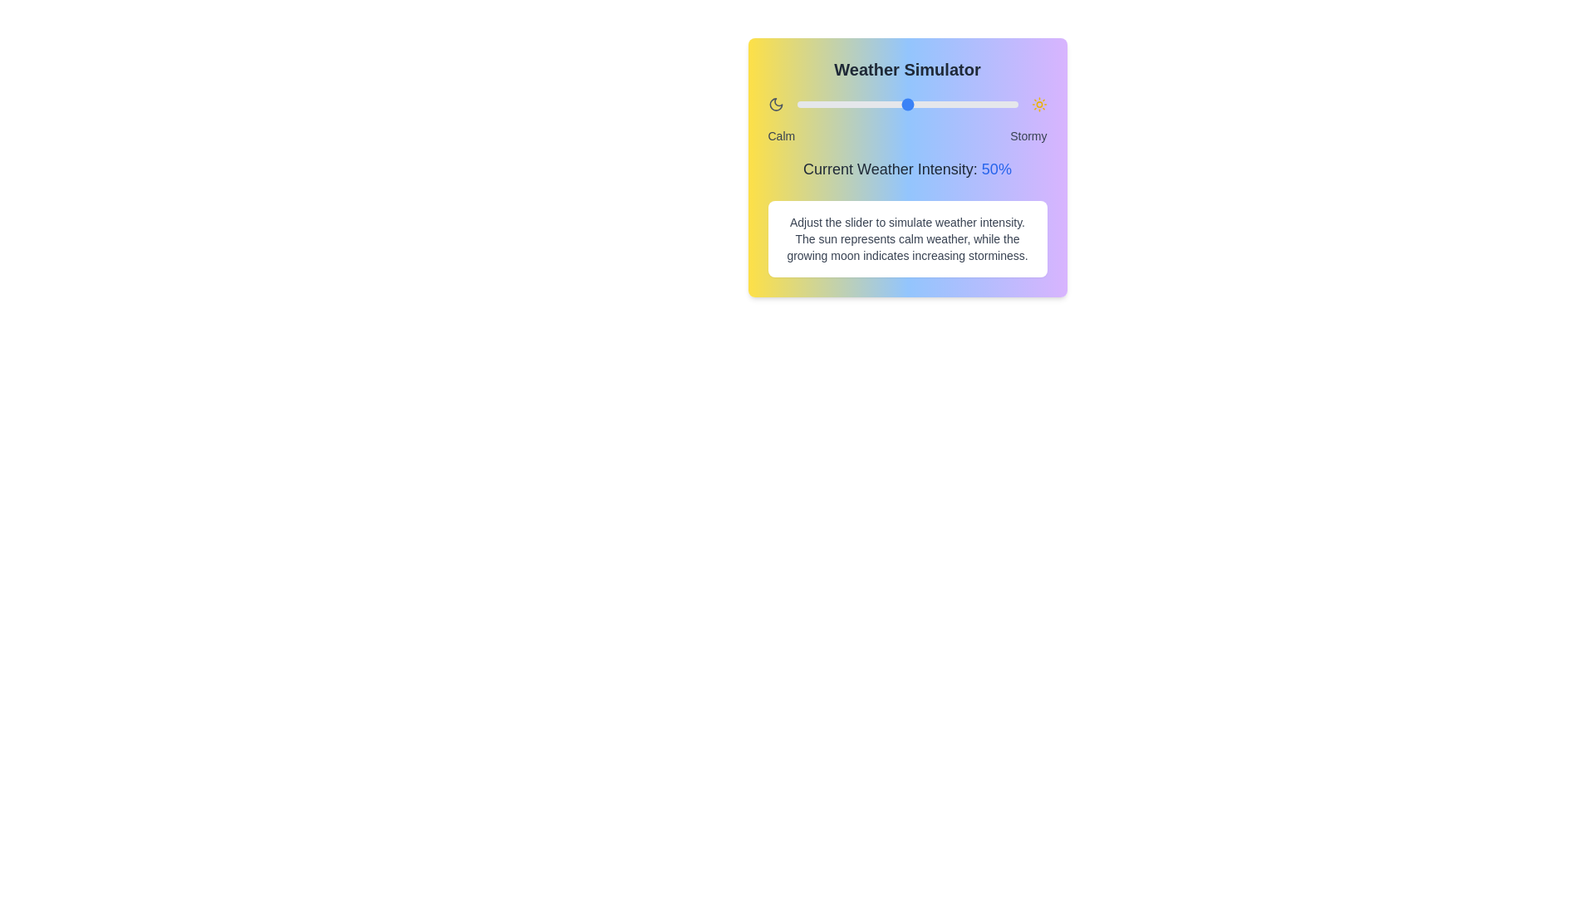 This screenshot has width=1595, height=897. Describe the element at coordinates (775, 105) in the screenshot. I see `the calm icon to simulate the weather condition` at that location.